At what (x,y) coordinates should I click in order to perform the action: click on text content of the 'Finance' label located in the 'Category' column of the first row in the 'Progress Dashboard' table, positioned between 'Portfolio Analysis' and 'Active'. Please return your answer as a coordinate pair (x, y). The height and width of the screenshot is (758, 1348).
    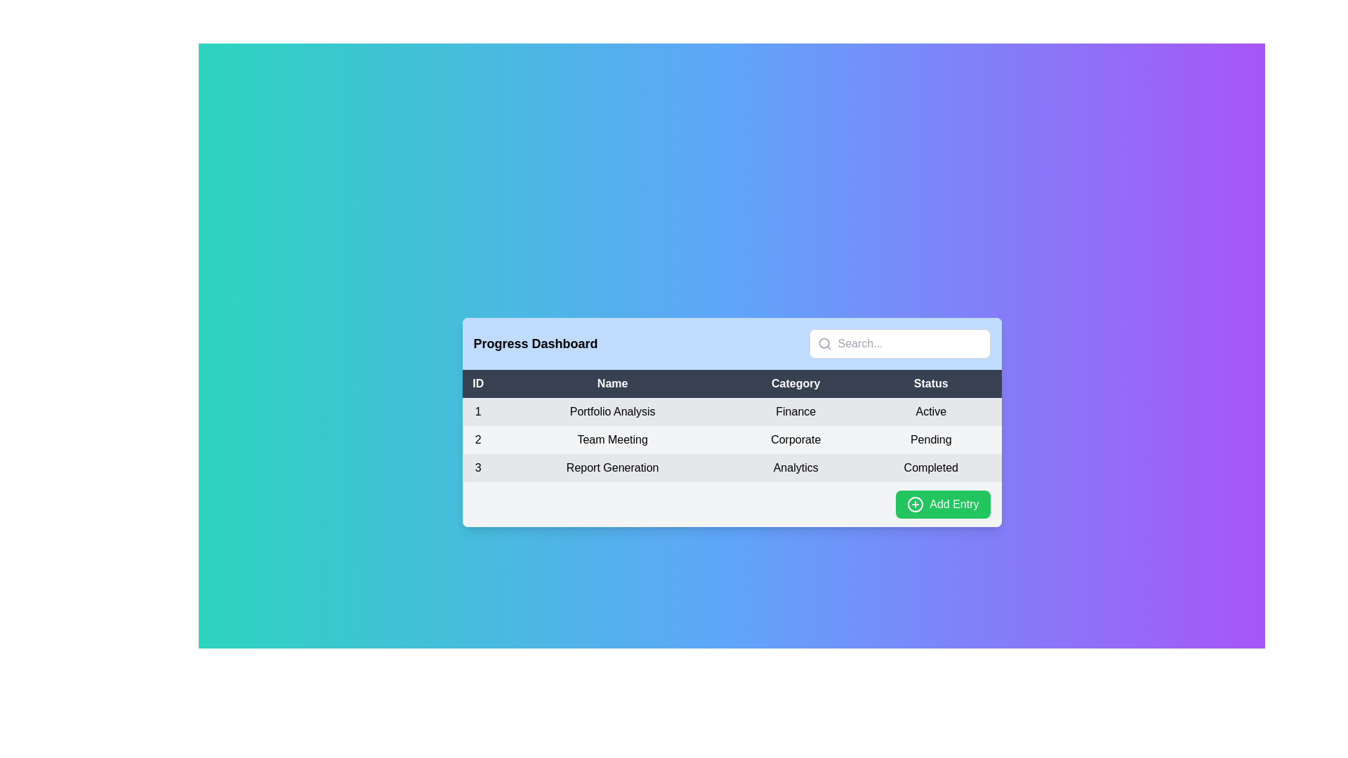
    Looking at the image, I should click on (795, 411).